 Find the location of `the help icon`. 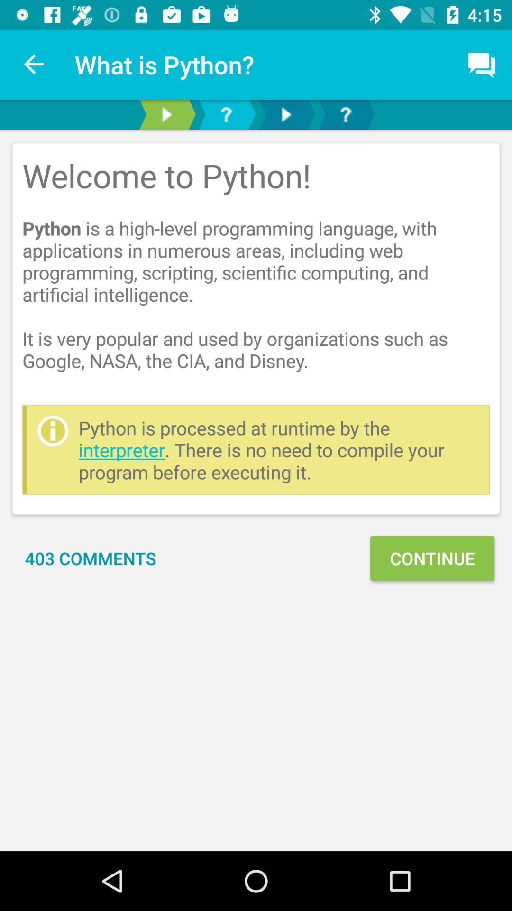

the help icon is located at coordinates (346, 114).